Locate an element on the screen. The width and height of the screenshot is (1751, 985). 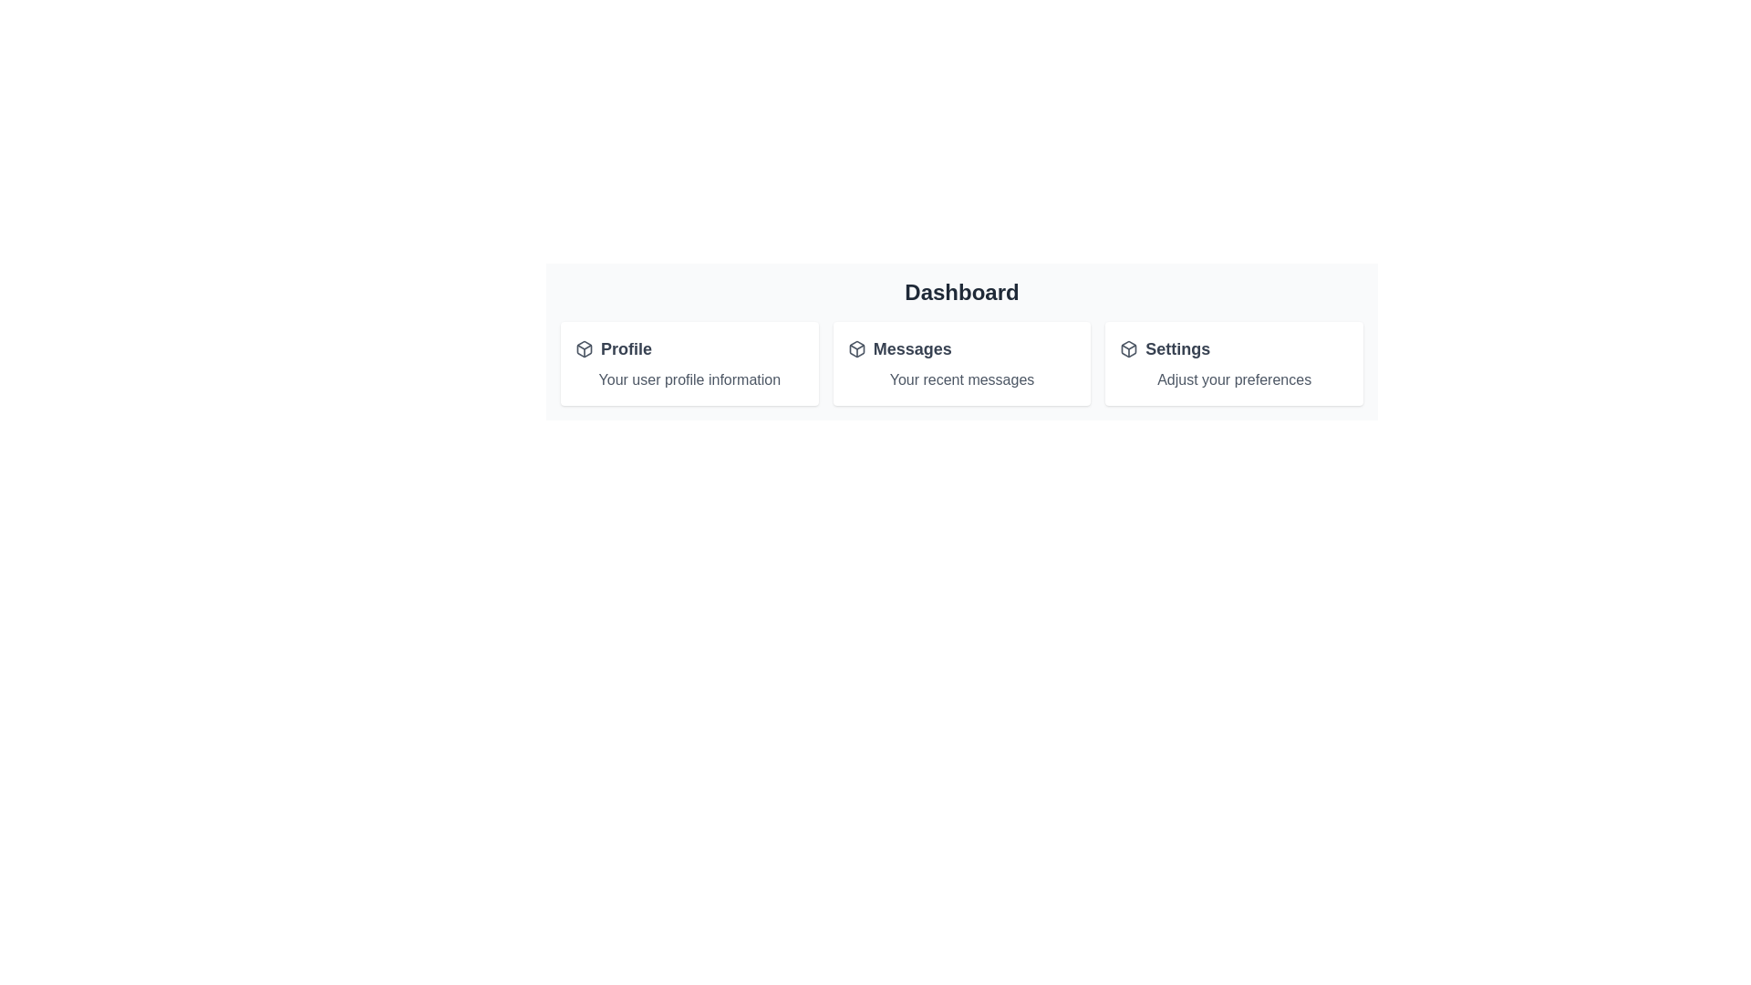
the 3D box outline icon located to the left of the 'Messages' text within the 'Messages' card is located at coordinates (855, 348).